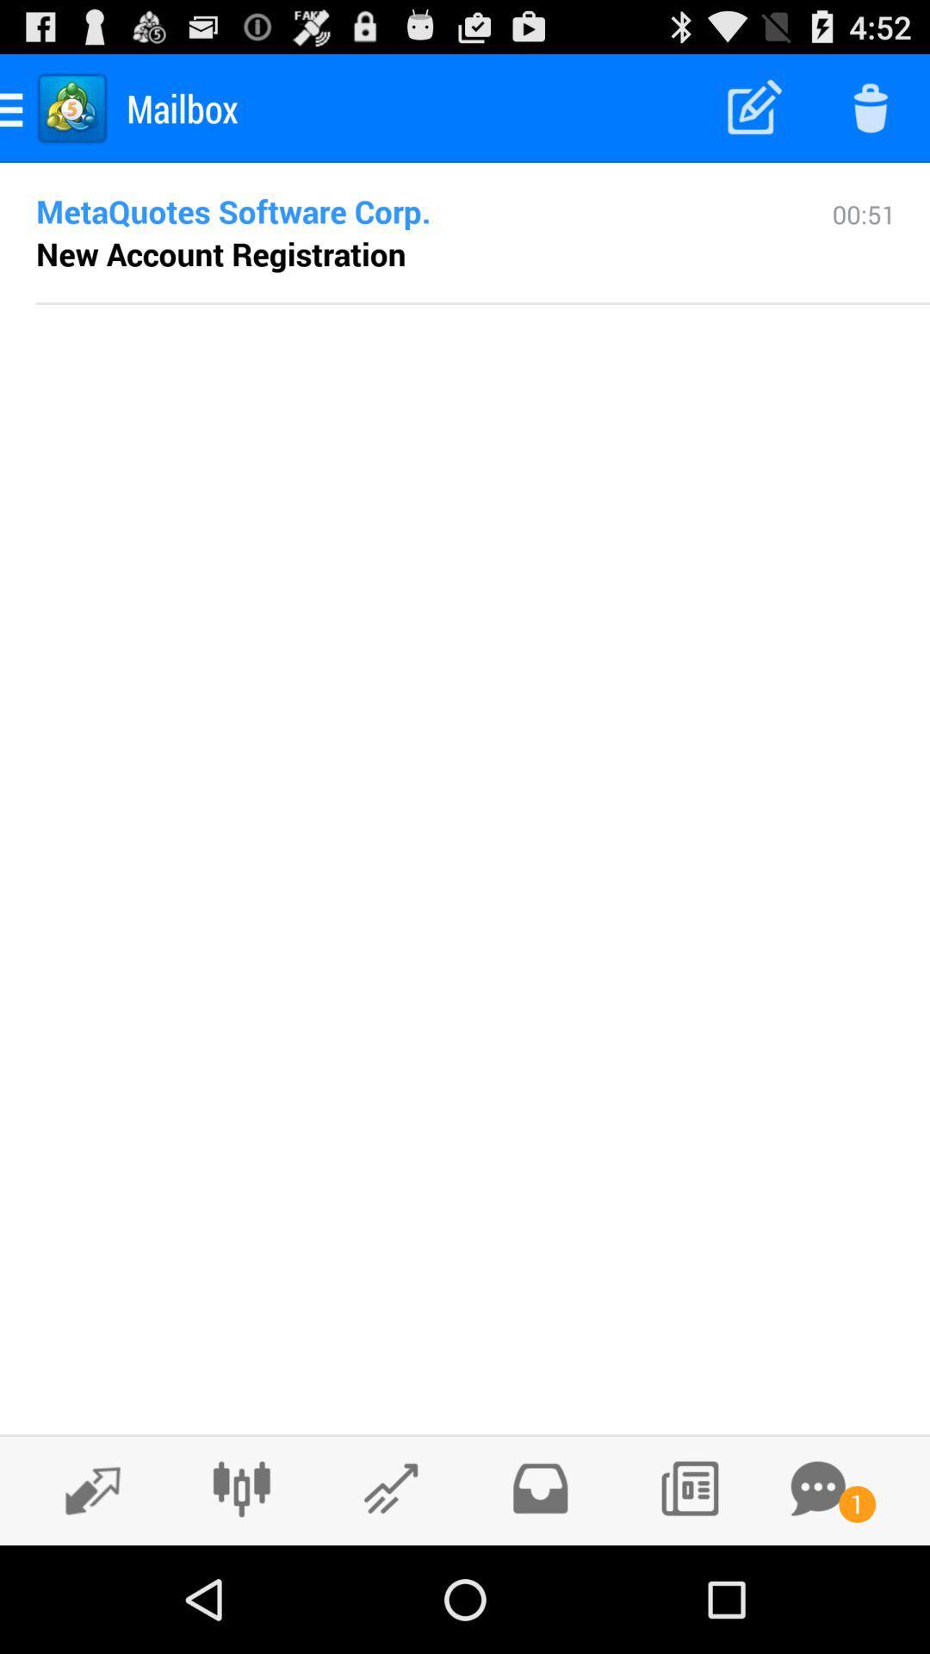 Image resolution: width=930 pixels, height=1654 pixels. Describe the element at coordinates (220, 252) in the screenshot. I see `the new account registration icon` at that location.